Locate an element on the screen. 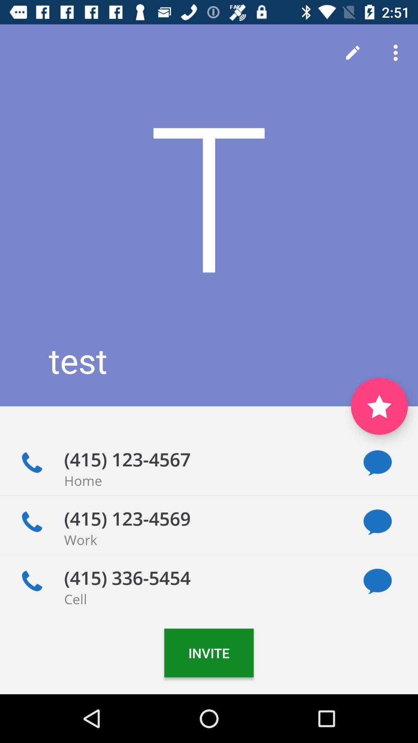  to call is located at coordinates (31, 581).